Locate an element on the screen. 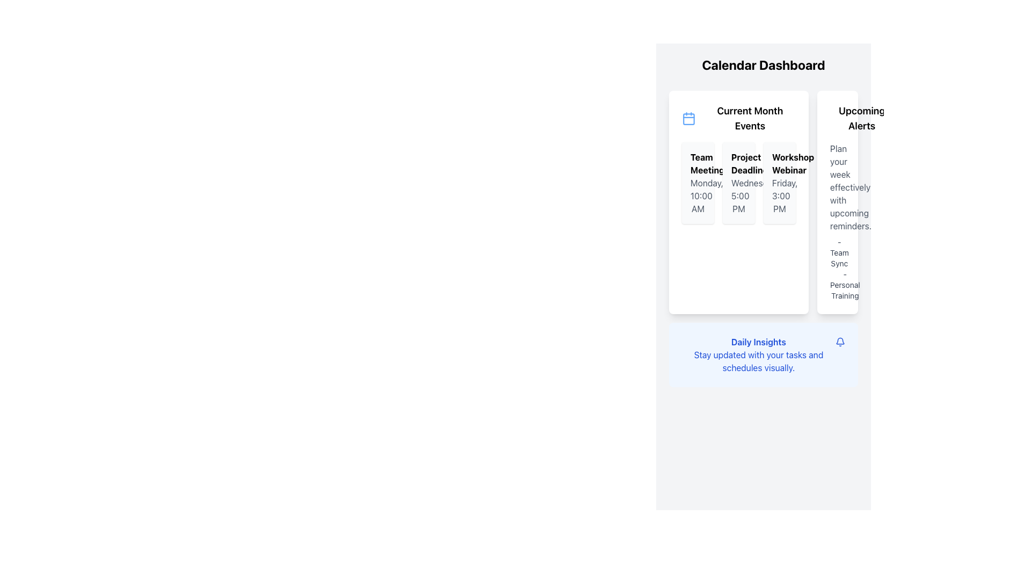 This screenshot has width=1031, height=580. the header titled 'Current Month Events' which includes a blue calendar icon to the left is located at coordinates (738, 118).